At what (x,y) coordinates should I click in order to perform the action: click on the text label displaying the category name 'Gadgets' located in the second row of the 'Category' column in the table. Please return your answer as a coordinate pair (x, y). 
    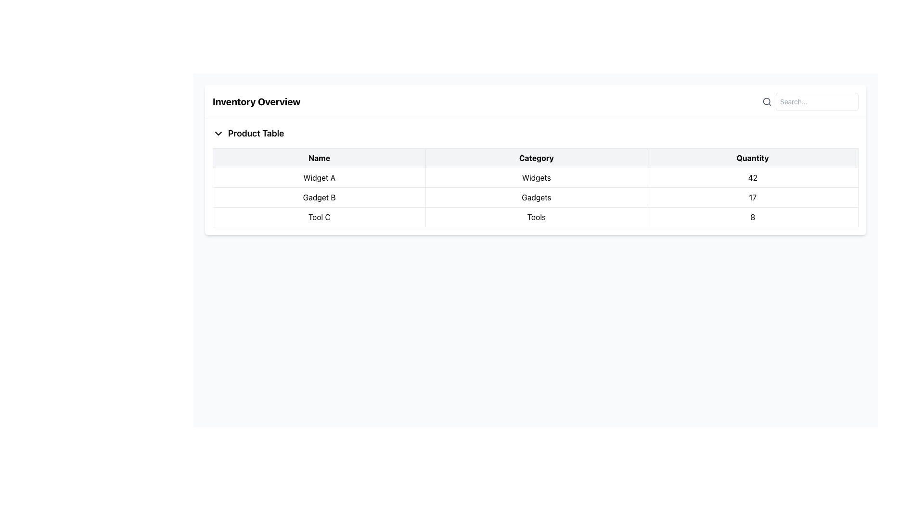
    Looking at the image, I should click on (536, 197).